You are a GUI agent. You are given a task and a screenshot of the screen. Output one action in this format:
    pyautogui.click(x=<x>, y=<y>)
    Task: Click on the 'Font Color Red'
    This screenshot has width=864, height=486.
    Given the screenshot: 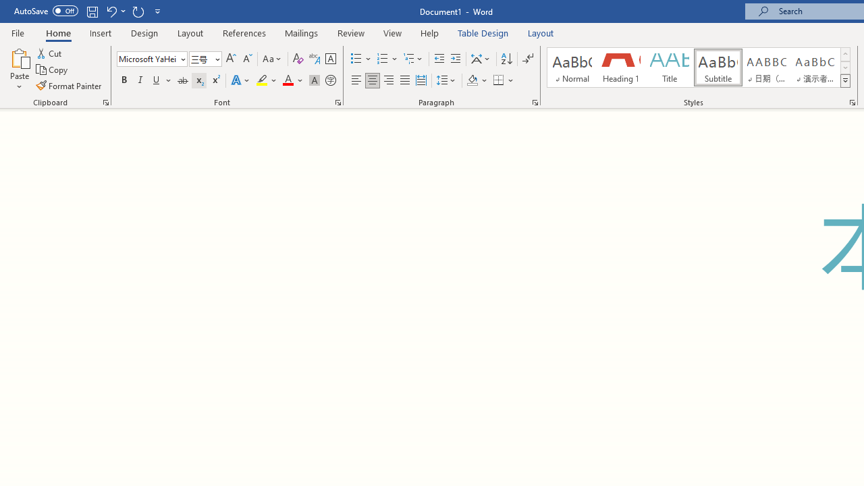 What is the action you would take?
    pyautogui.click(x=287, y=80)
    